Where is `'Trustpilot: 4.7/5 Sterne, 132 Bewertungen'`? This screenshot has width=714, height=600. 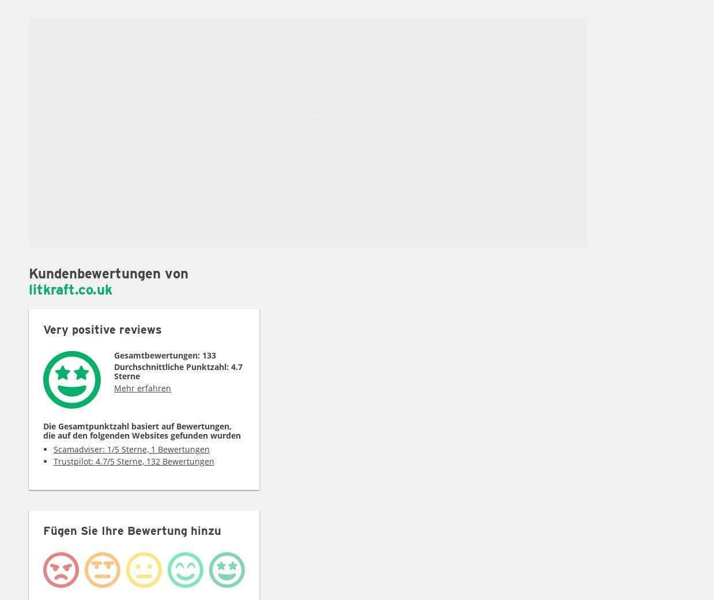
'Trustpilot: 4.7/5 Sterne, 132 Bewertungen' is located at coordinates (133, 461).